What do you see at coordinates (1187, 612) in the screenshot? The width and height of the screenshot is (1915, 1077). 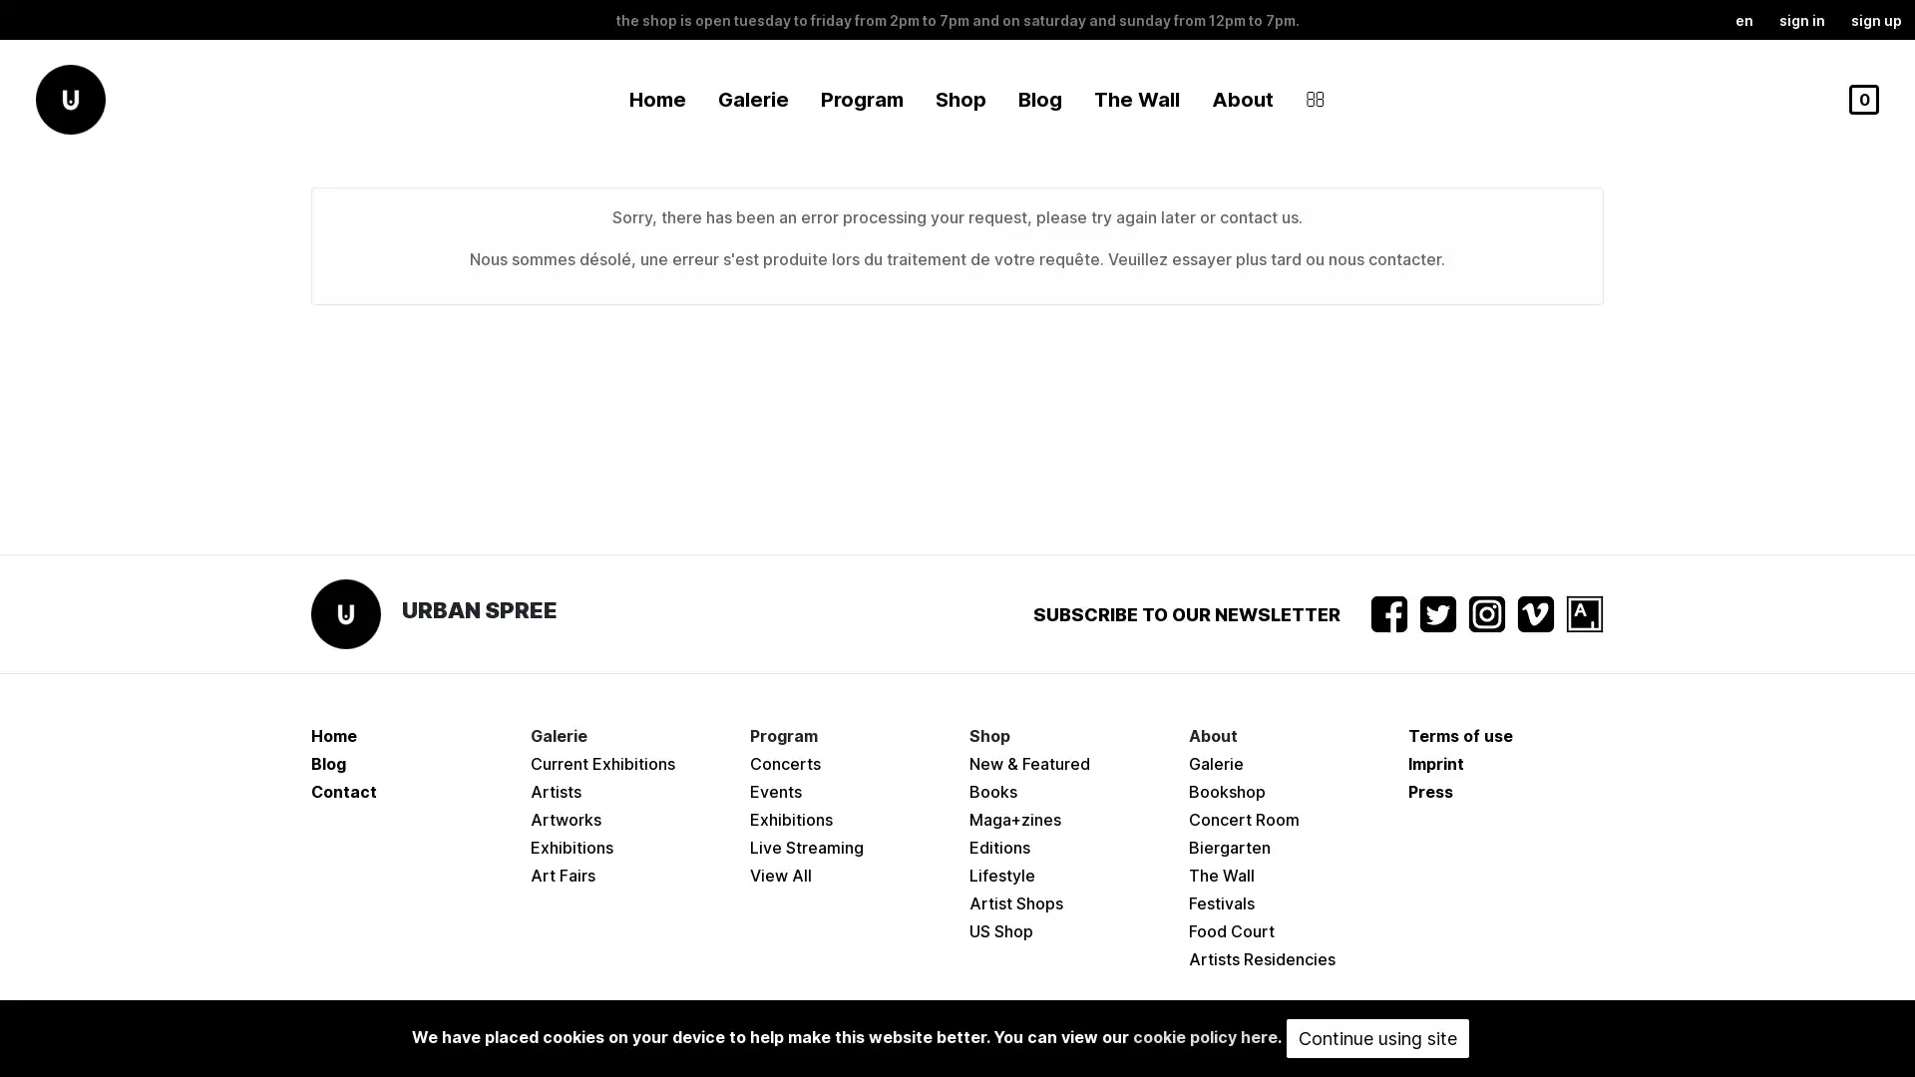 I see `SUBSCRIBE TO OUR NEWSLETTER` at bounding box center [1187, 612].